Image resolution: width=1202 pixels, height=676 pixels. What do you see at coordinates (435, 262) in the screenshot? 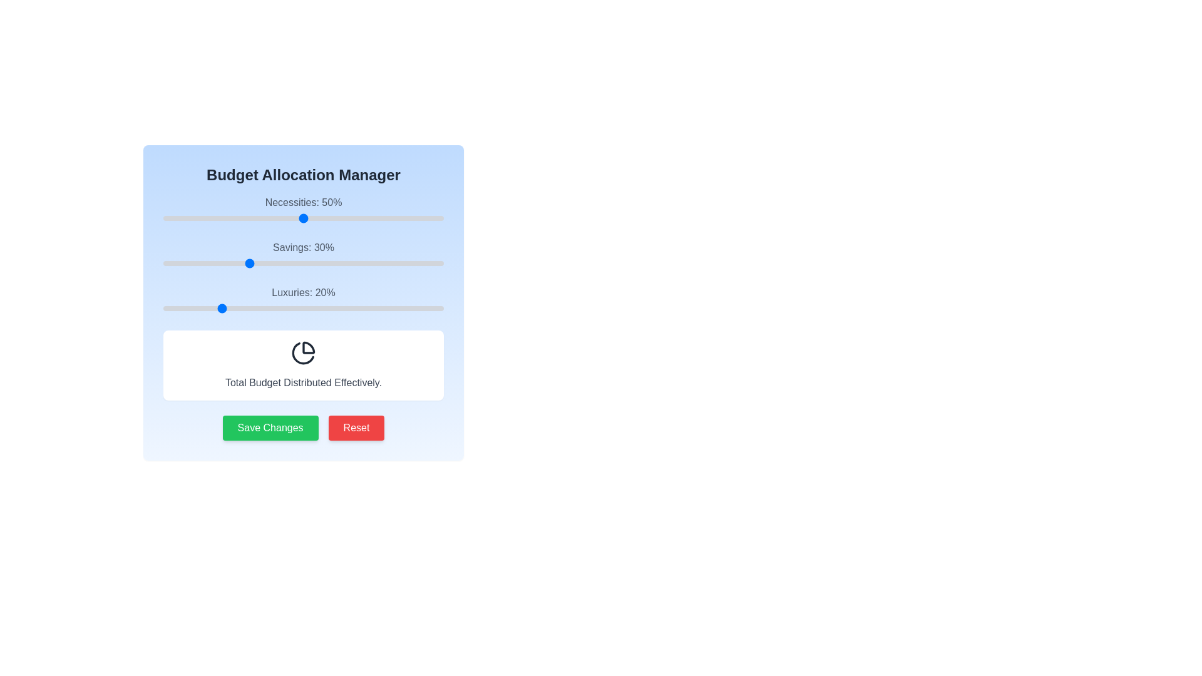
I see `savings percentage` at bounding box center [435, 262].